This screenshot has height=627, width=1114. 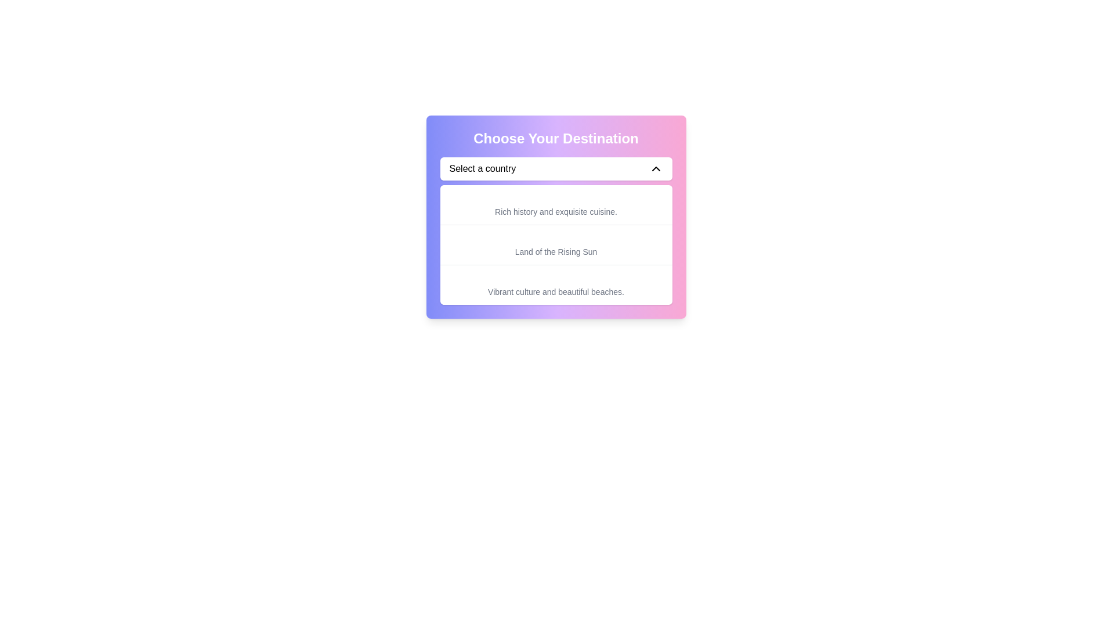 What do you see at coordinates (656, 168) in the screenshot?
I see `the upward-pointing chevron icon on the right side of the 'Select a country' dropdown` at bounding box center [656, 168].